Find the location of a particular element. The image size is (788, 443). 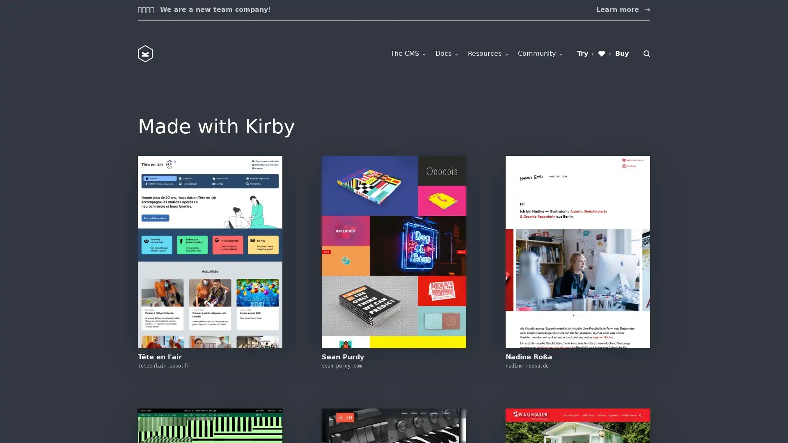

Search is located at coordinates (646, 54).